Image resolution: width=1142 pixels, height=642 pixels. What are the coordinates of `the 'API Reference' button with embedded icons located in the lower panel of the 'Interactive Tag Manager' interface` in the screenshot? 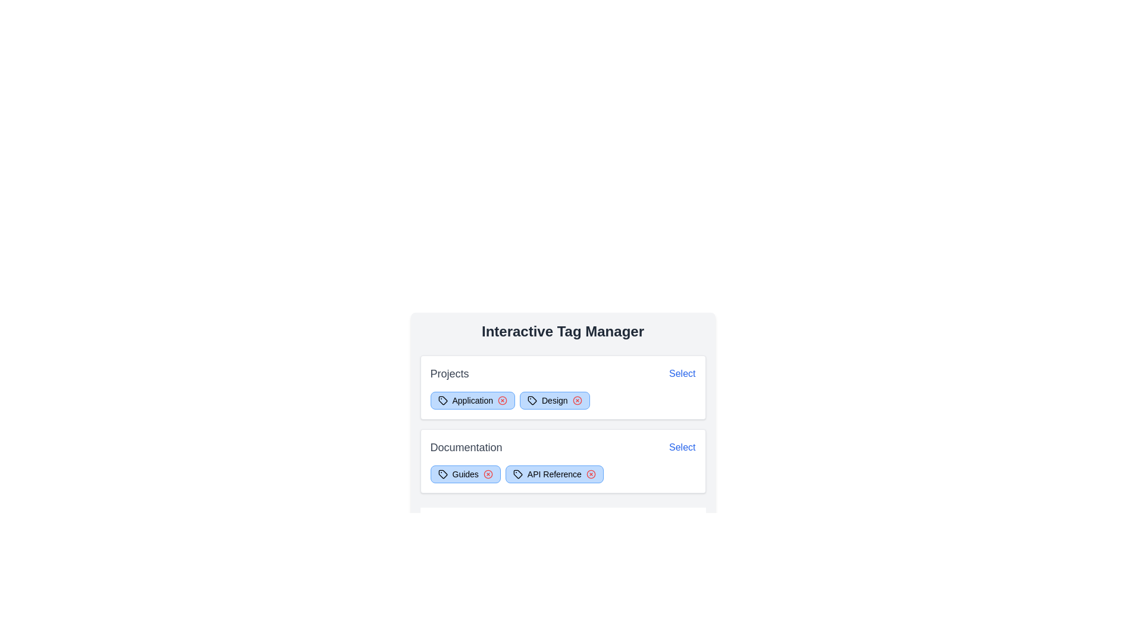 It's located at (554, 474).